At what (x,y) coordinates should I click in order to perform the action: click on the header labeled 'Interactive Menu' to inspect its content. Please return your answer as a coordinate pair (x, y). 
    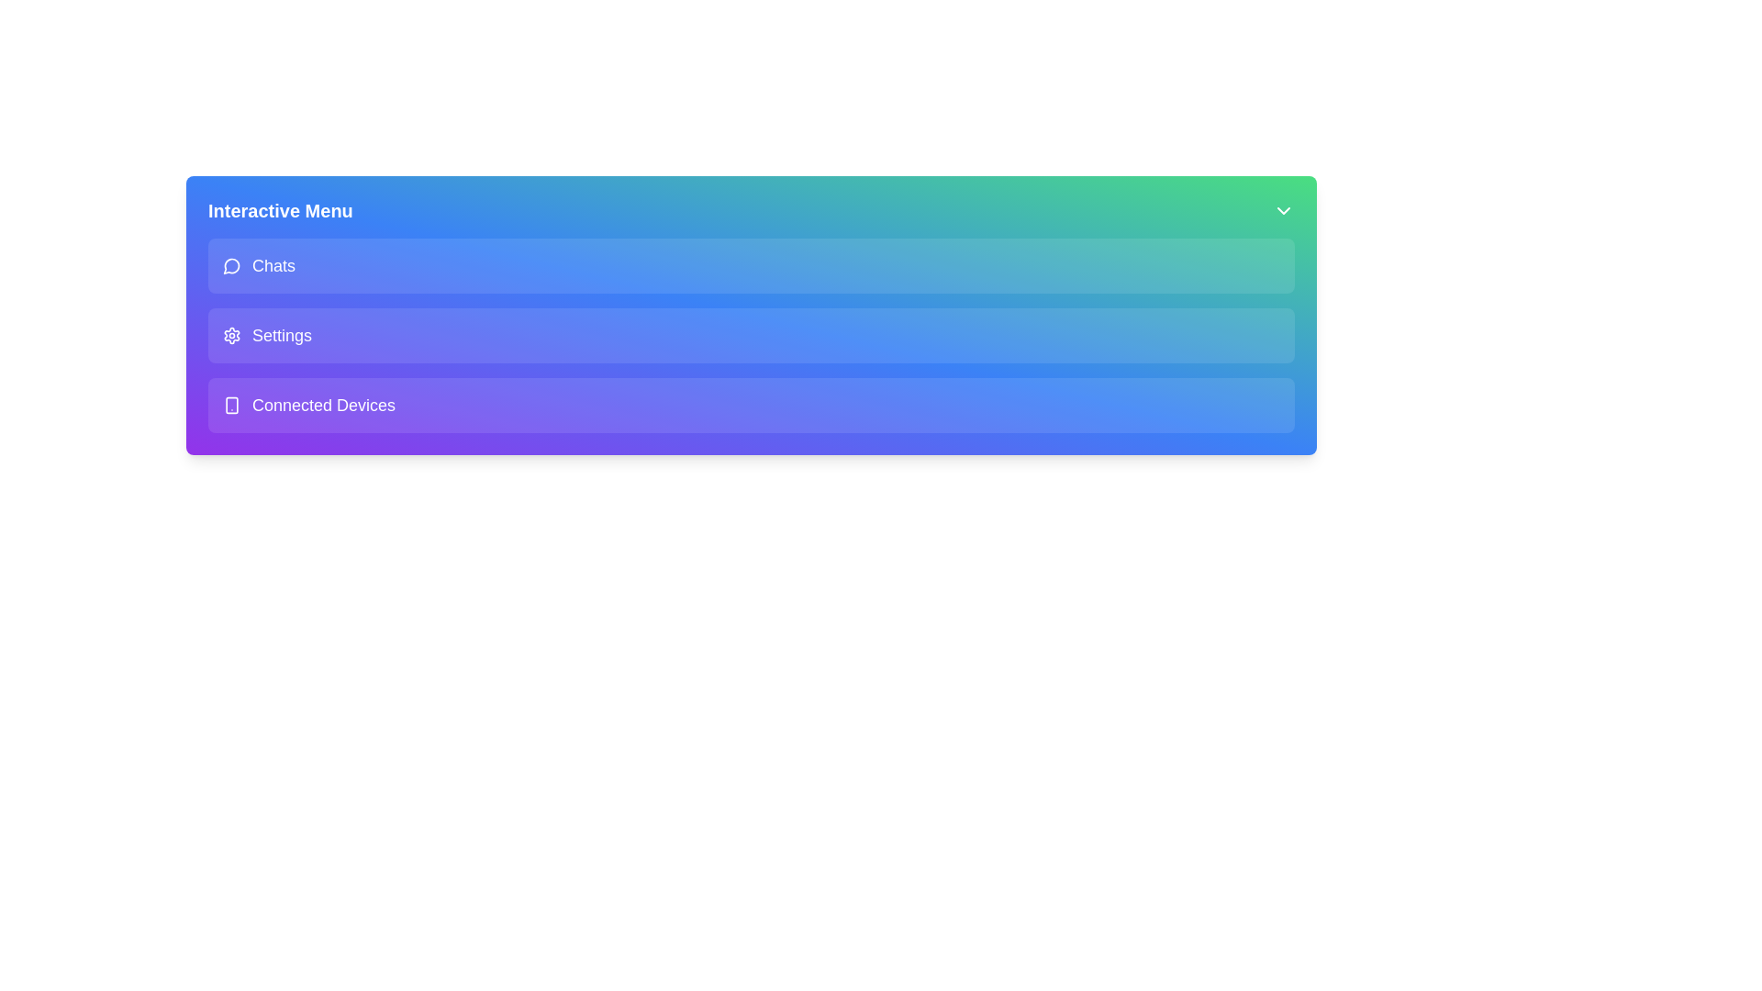
    Looking at the image, I should click on (752, 210).